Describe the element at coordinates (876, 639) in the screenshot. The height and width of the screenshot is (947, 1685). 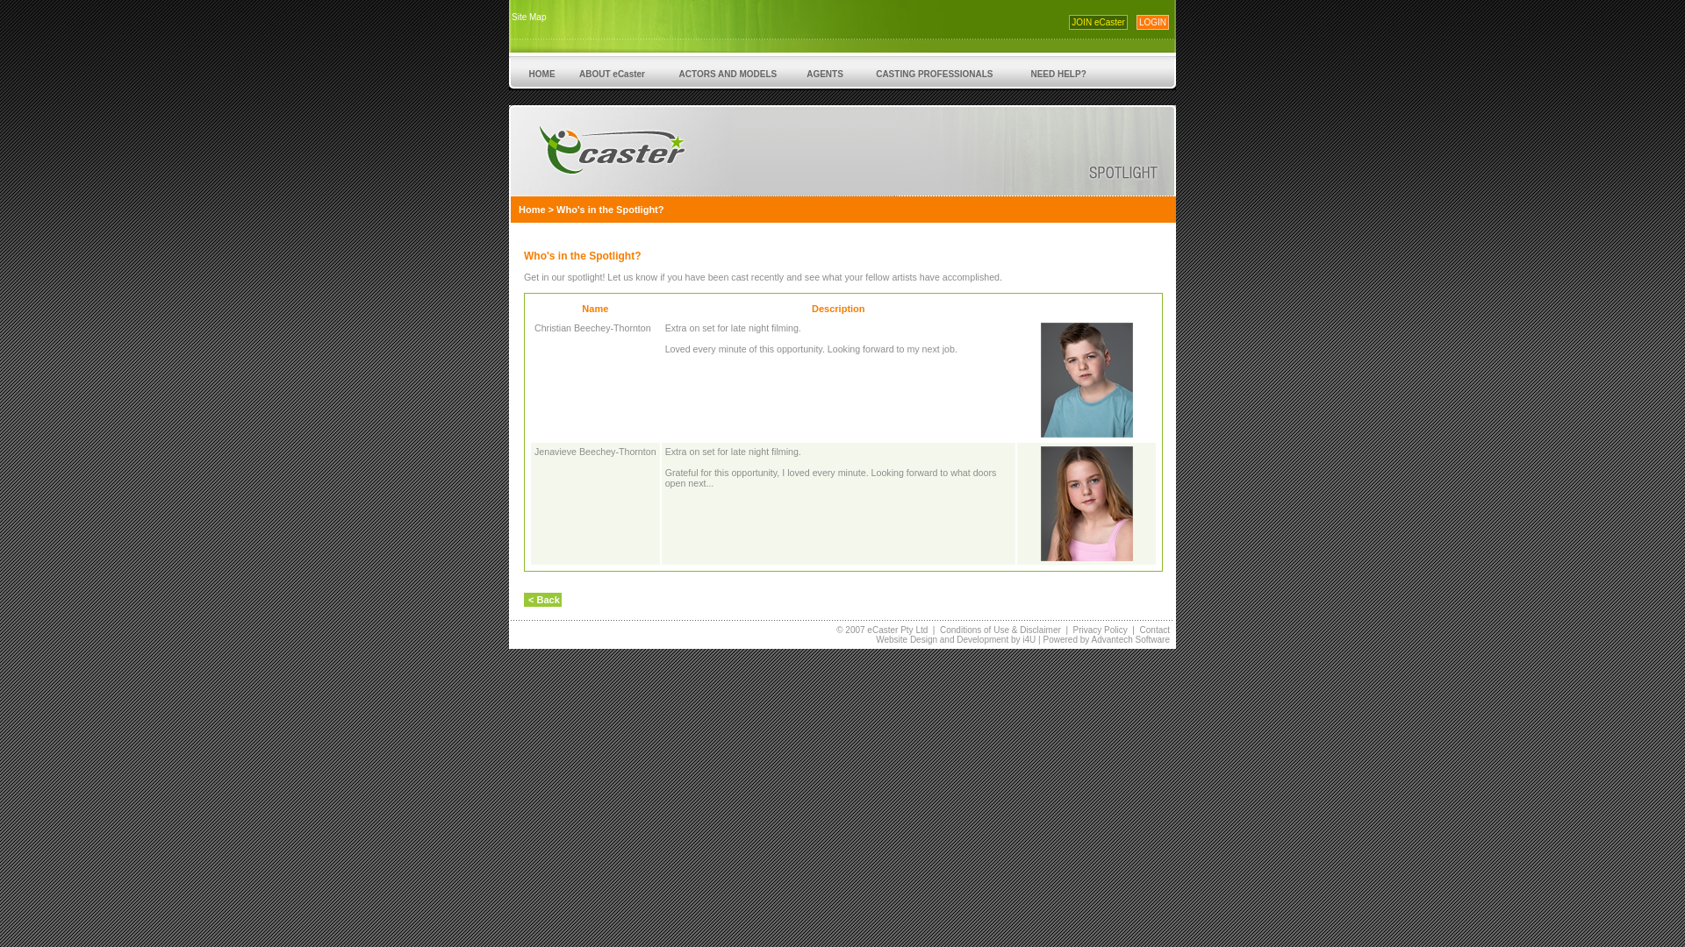
I see `'Website Design and'` at that location.